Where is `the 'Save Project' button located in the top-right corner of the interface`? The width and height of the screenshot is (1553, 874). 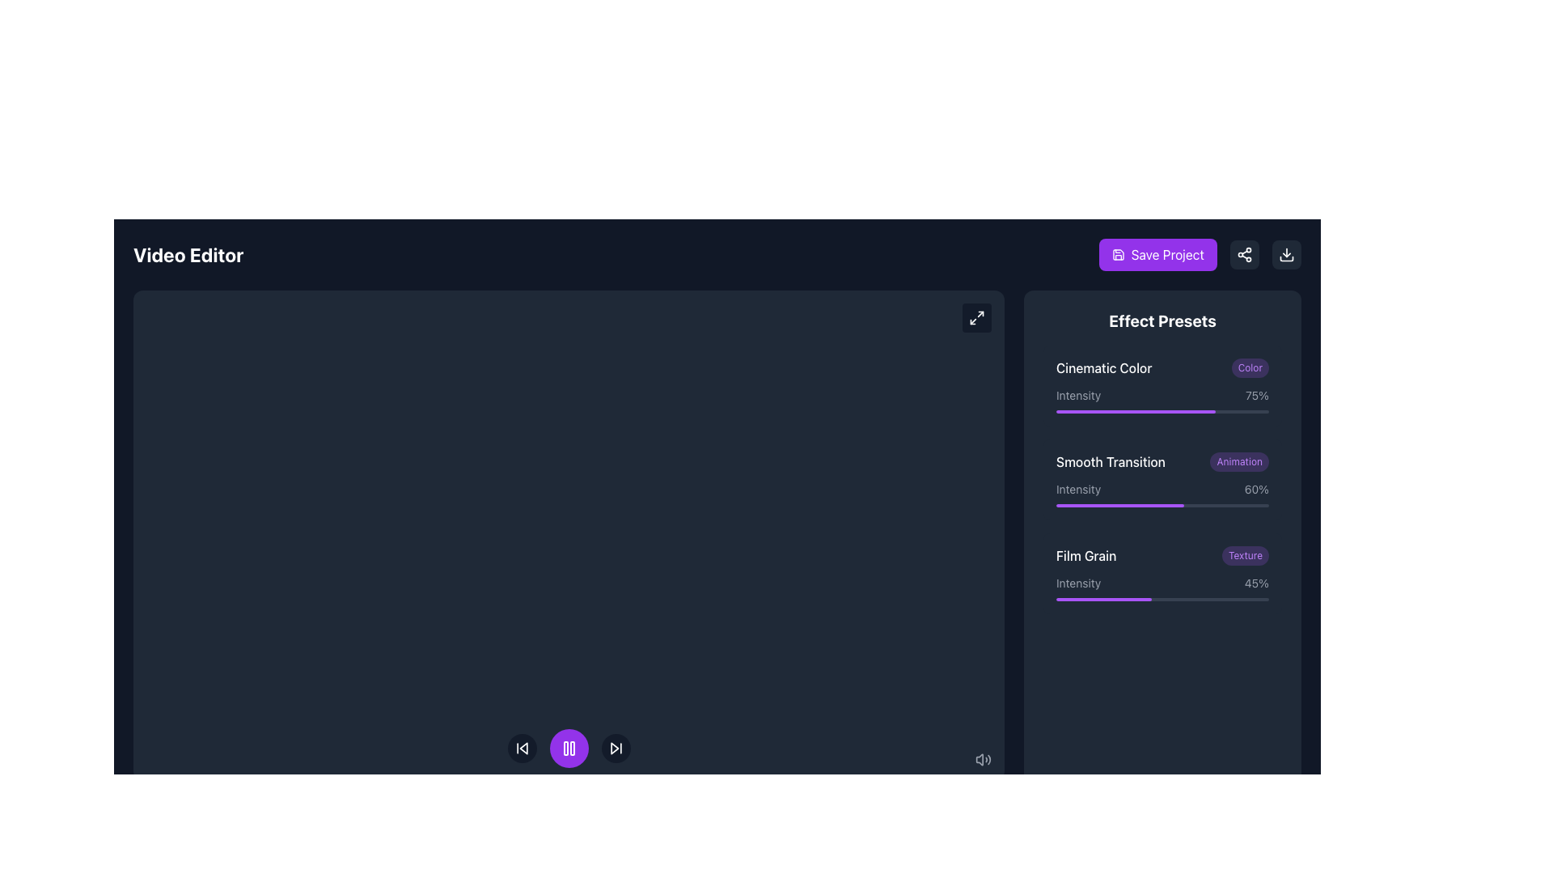
the 'Save Project' button located in the top-right corner of the interface is located at coordinates (1200, 255).